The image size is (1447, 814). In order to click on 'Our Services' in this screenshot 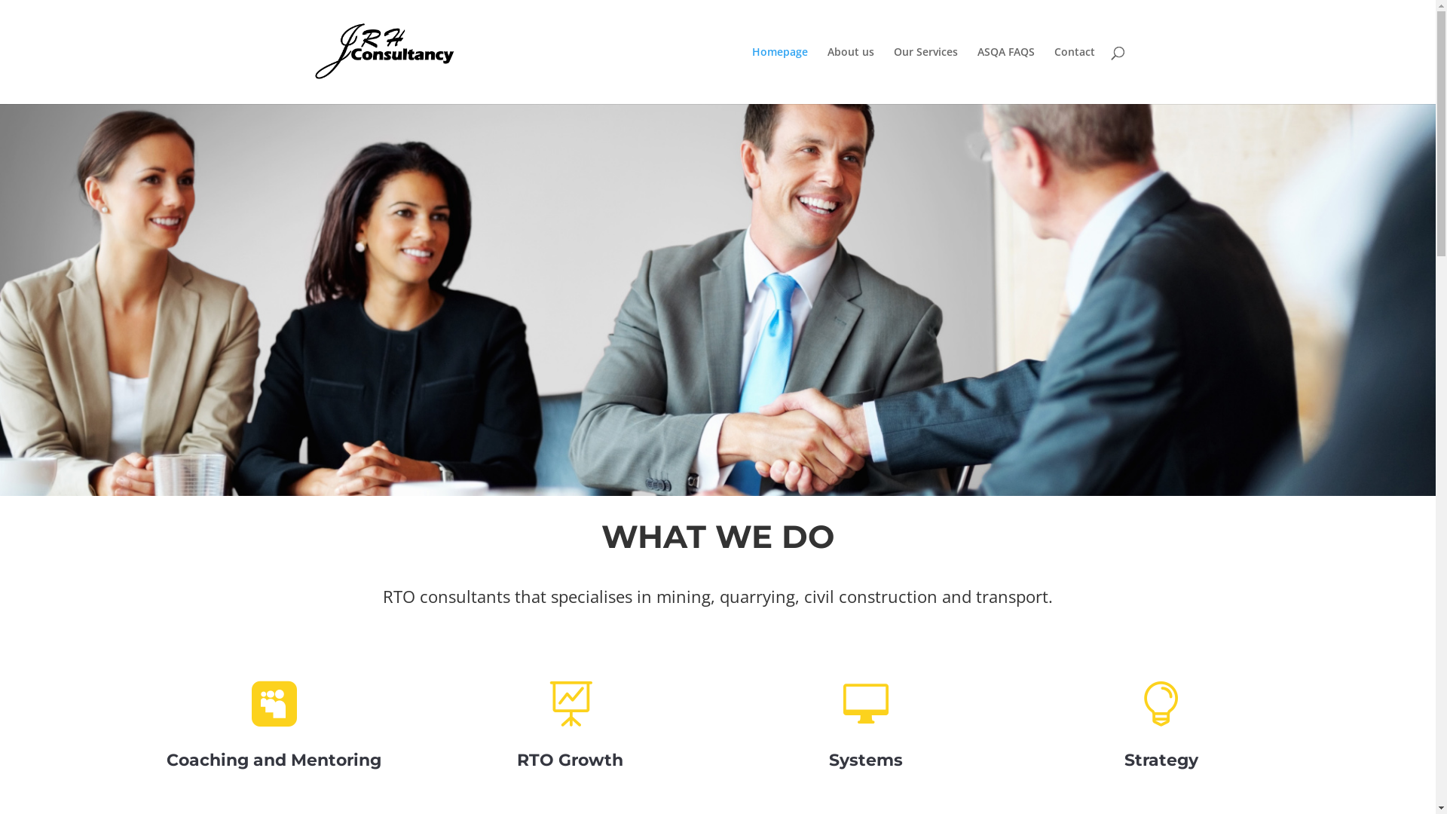, I will do `click(925, 75)`.